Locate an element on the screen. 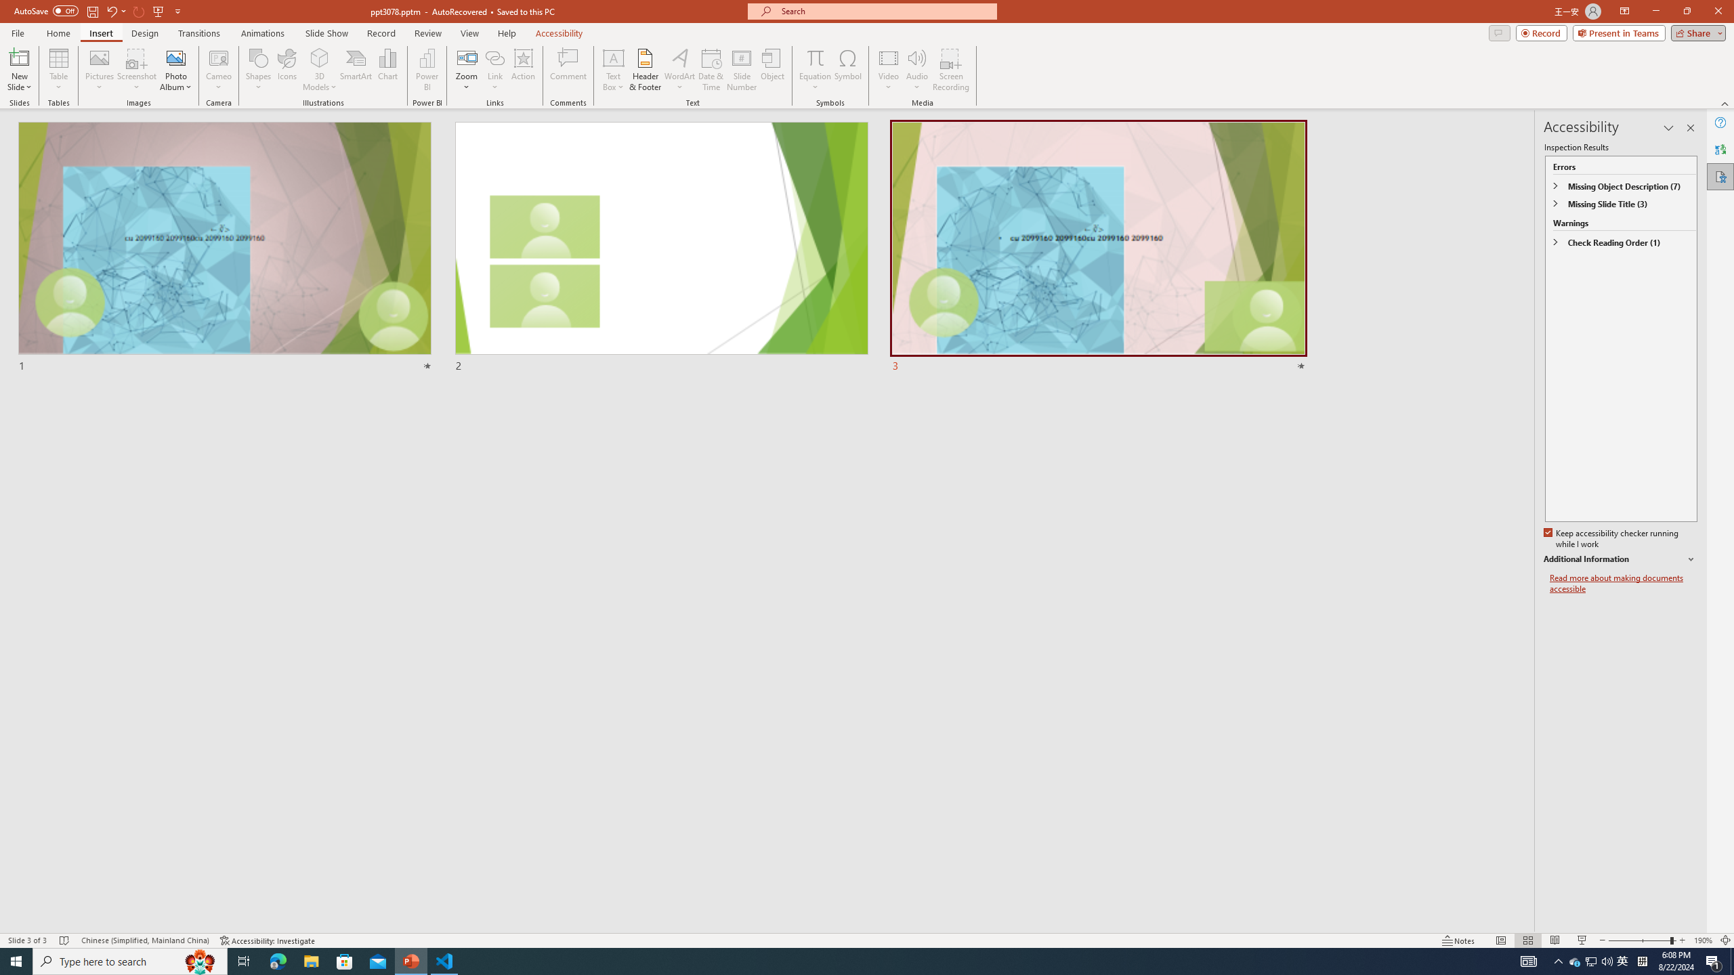 The height and width of the screenshot is (975, 1734). 'Power BI' is located at coordinates (427, 70).